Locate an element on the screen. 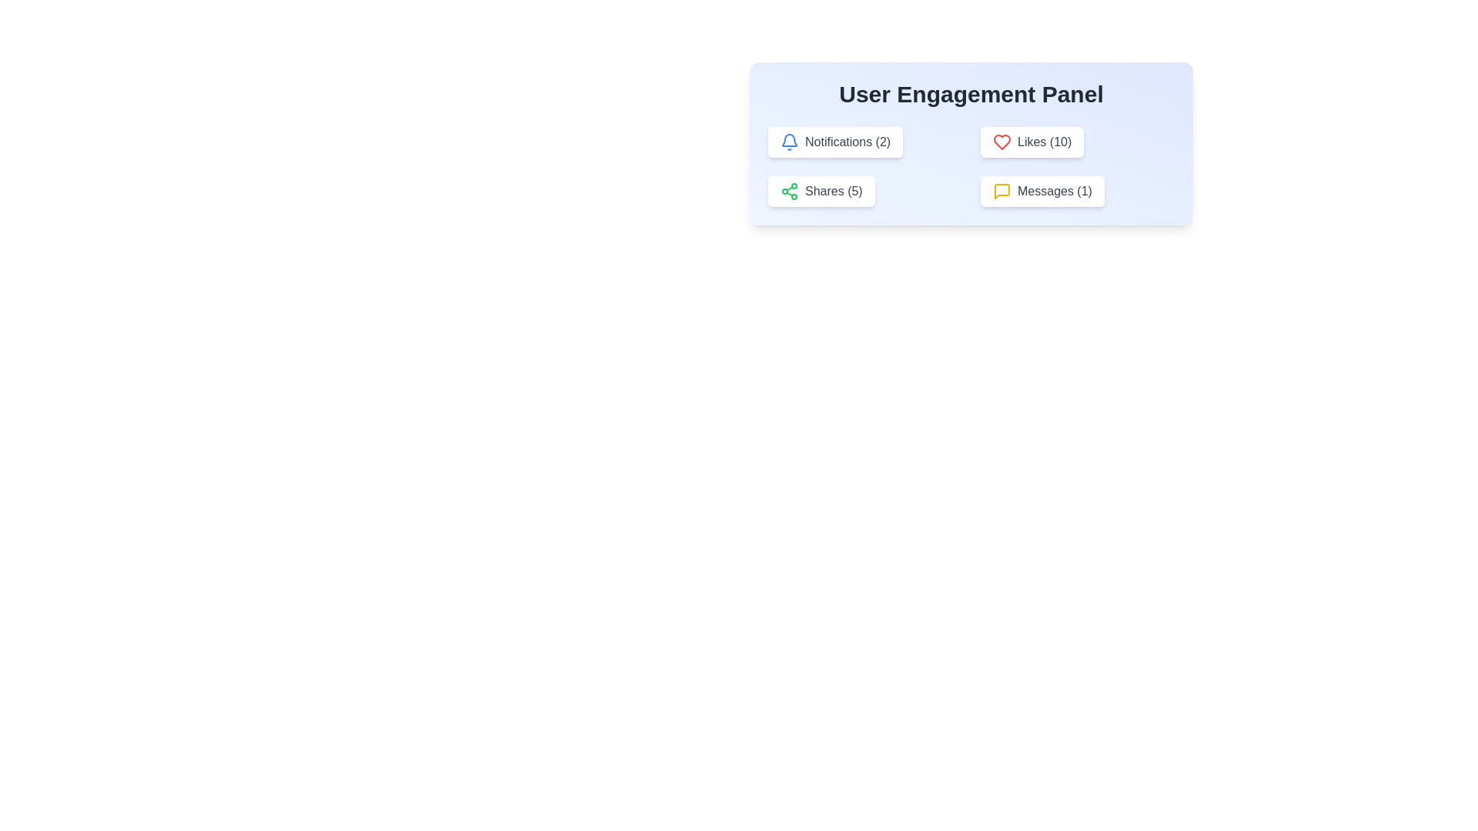 Image resolution: width=1478 pixels, height=831 pixels. the button displaying the count of unread messages (1) located in the bottom-right corner of the User Engagement Panel is located at coordinates (1042, 191).